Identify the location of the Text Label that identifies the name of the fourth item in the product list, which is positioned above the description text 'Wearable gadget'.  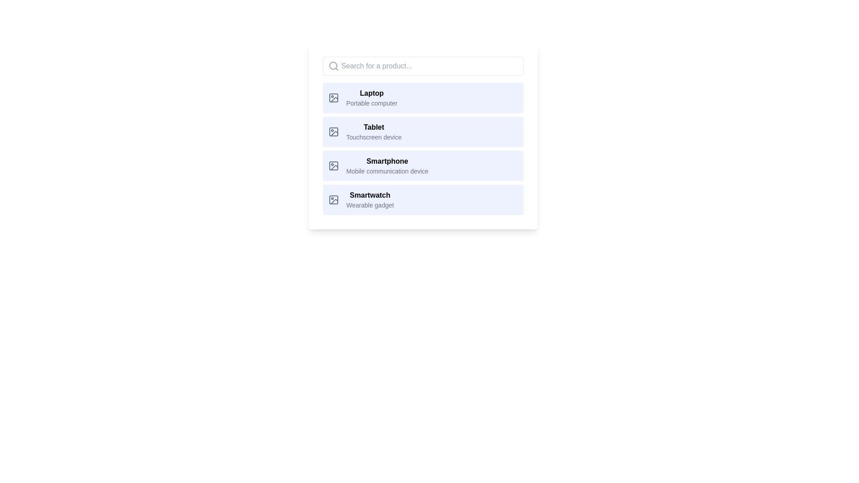
(370, 195).